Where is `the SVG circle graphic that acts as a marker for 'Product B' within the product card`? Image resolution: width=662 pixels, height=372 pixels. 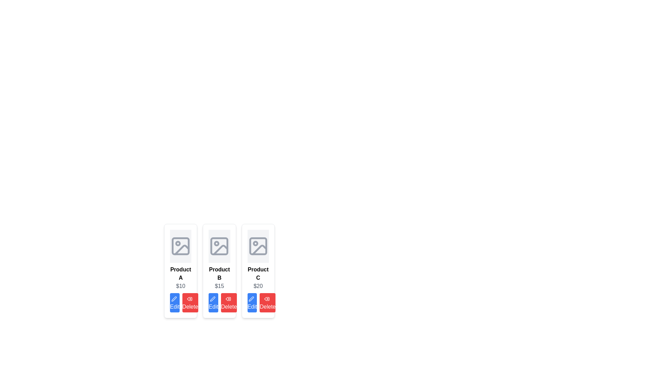
the SVG circle graphic that acts as a marker for 'Product B' within the product card is located at coordinates (216, 243).